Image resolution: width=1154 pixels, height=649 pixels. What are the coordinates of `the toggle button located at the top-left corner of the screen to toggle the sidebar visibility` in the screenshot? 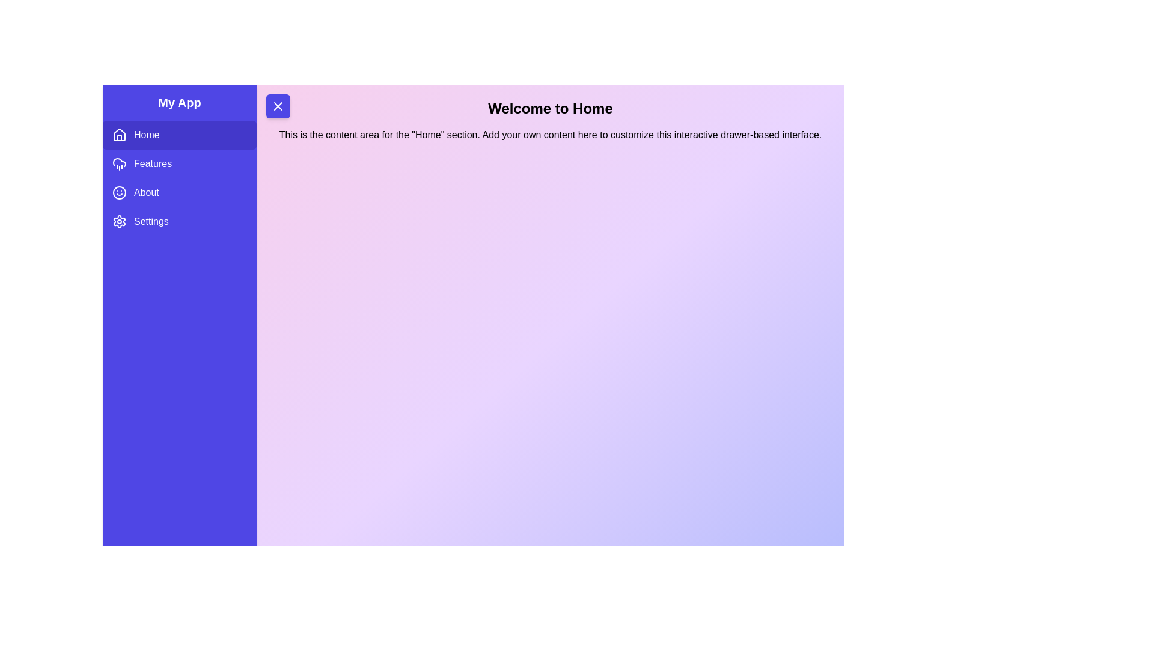 It's located at (277, 106).